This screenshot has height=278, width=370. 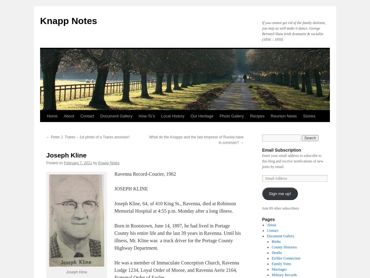 What do you see at coordinates (114, 188) in the screenshot?
I see `'JOSEPH KLINE'` at bounding box center [114, 188].